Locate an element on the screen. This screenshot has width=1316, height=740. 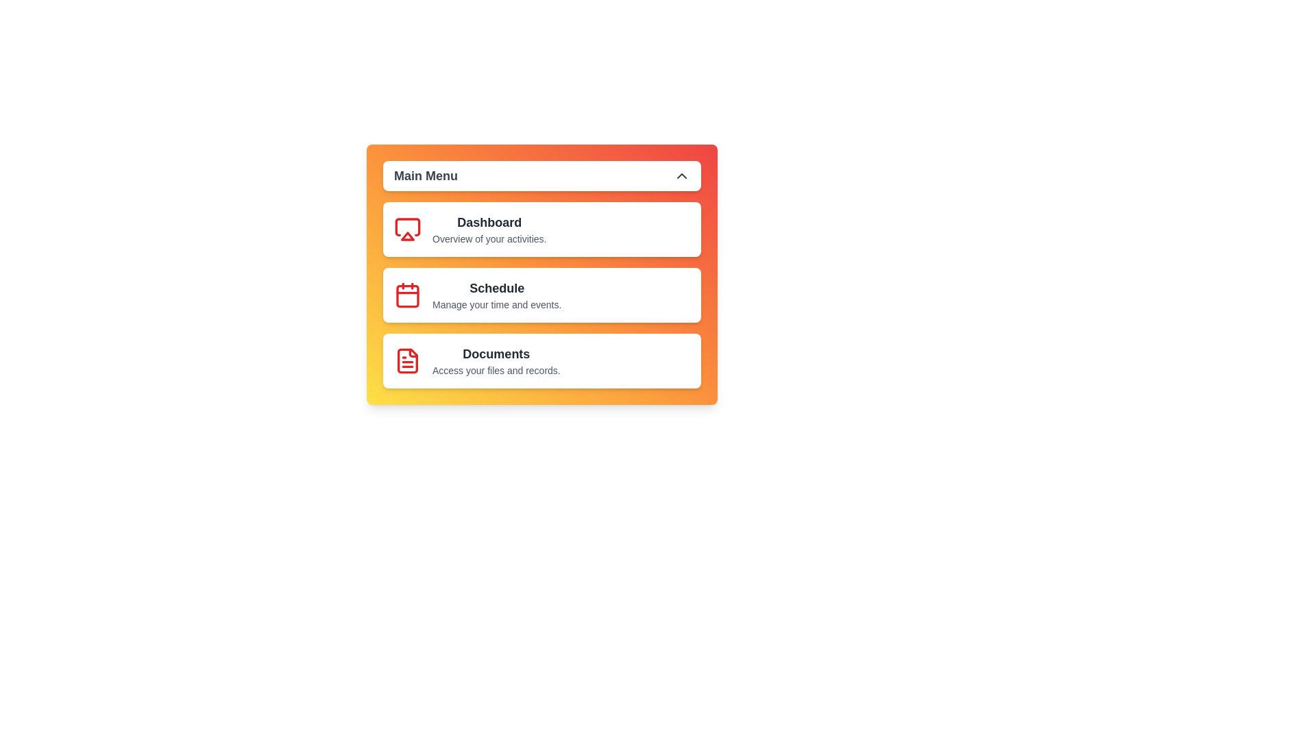
the menu item Documents by clicking on it is located at coordinates (541, 360).